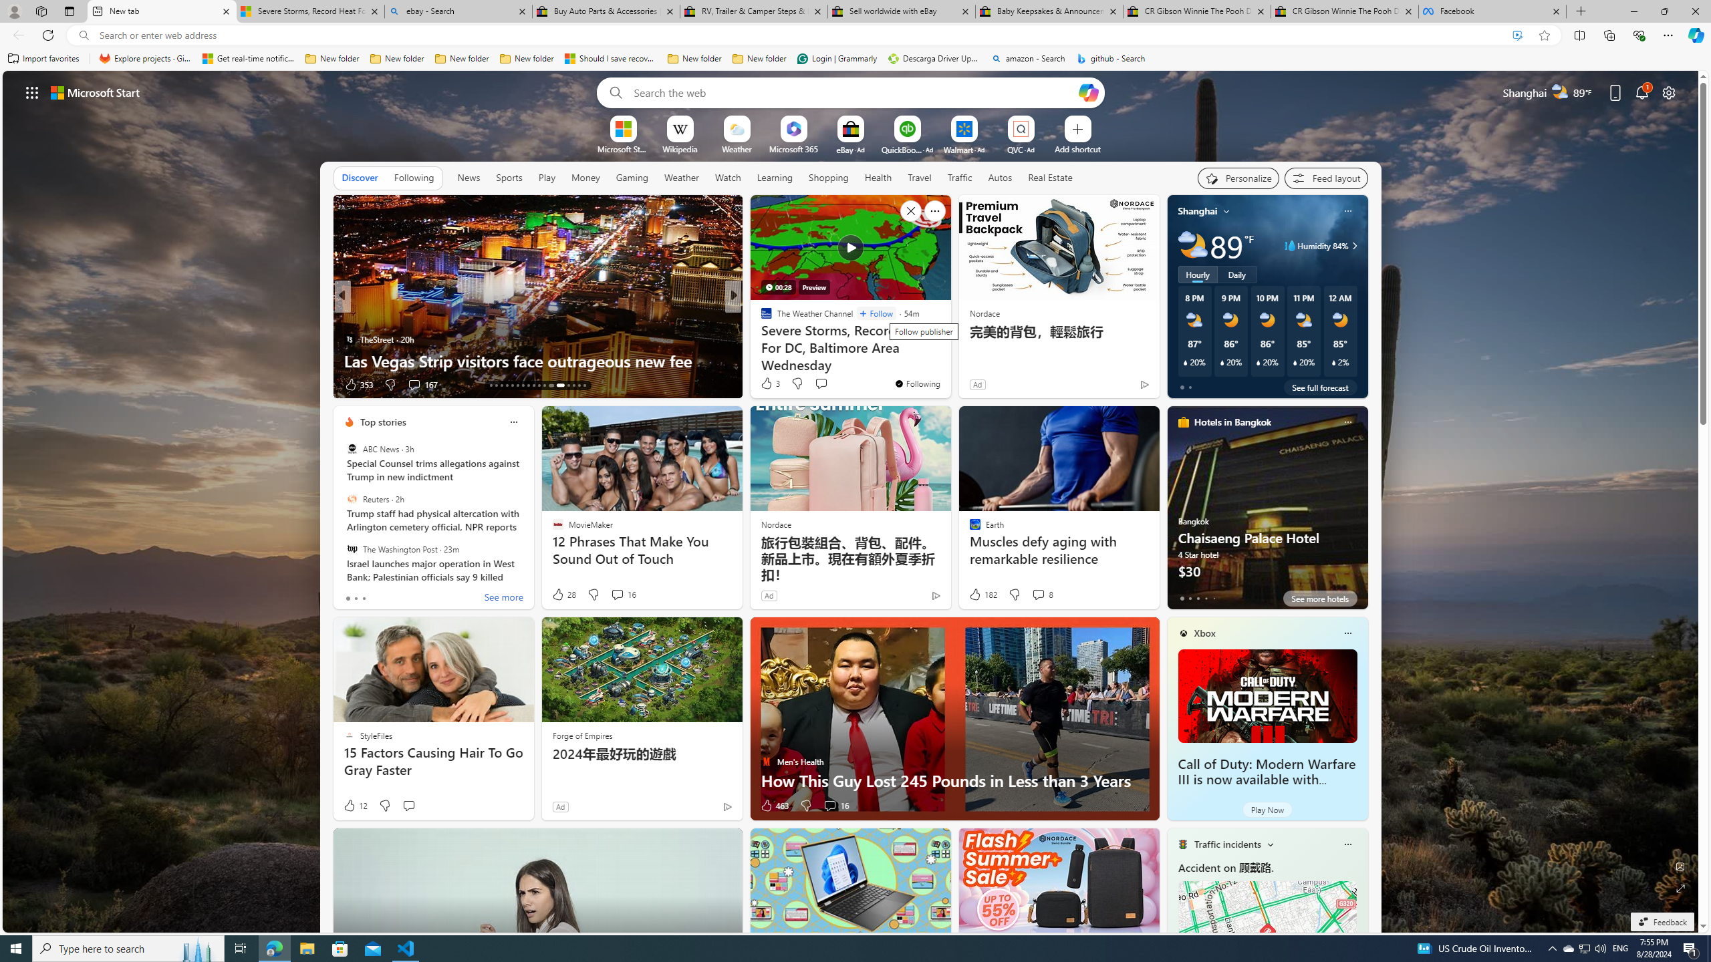 The width and height of the screenshot is (1711, 962). What do you see at coordinates (1192, 245) in the screenshot?
I see `'Partly cloudy'` at bounding box center [1192, 245].